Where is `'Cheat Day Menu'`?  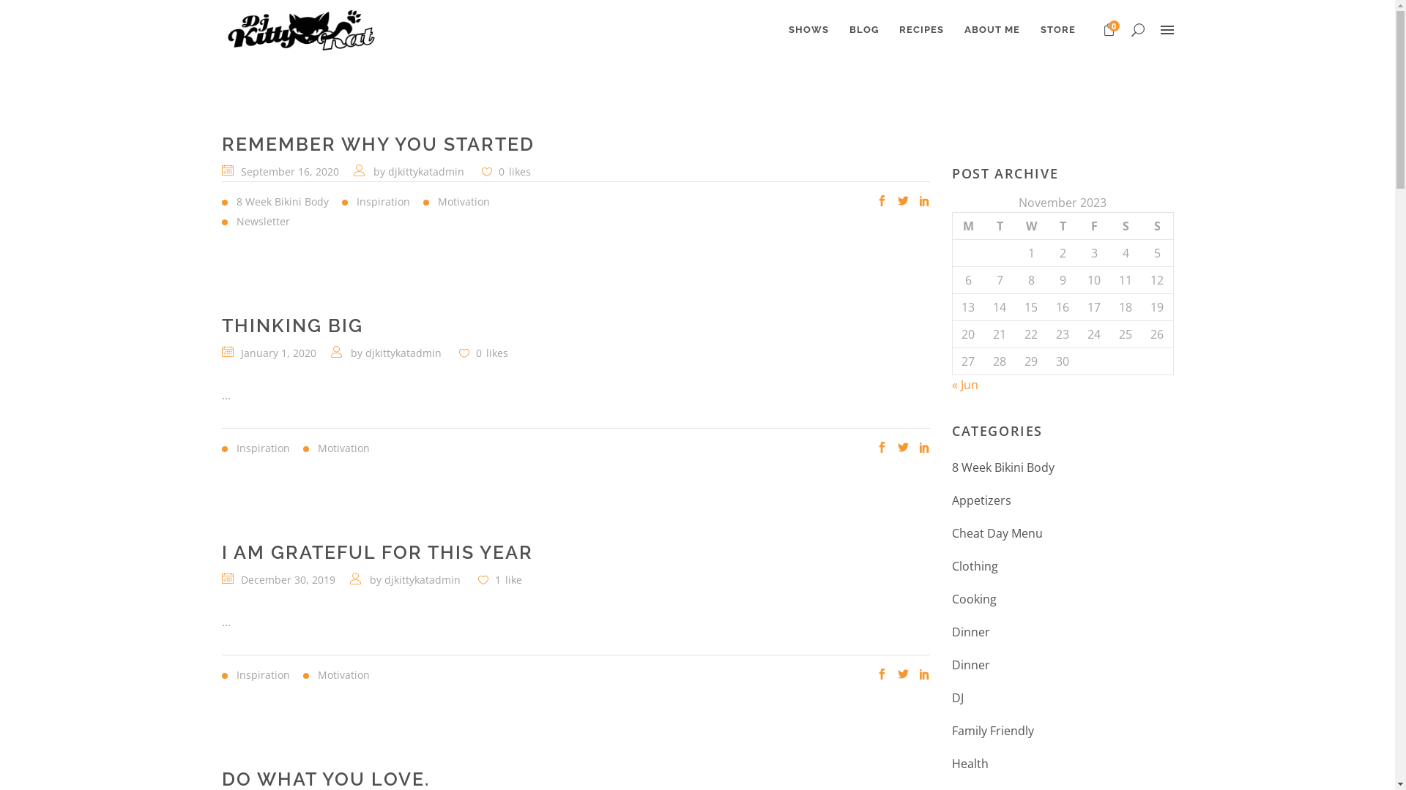
'Cheat Day Menu' is located at coordinates (952, 533).